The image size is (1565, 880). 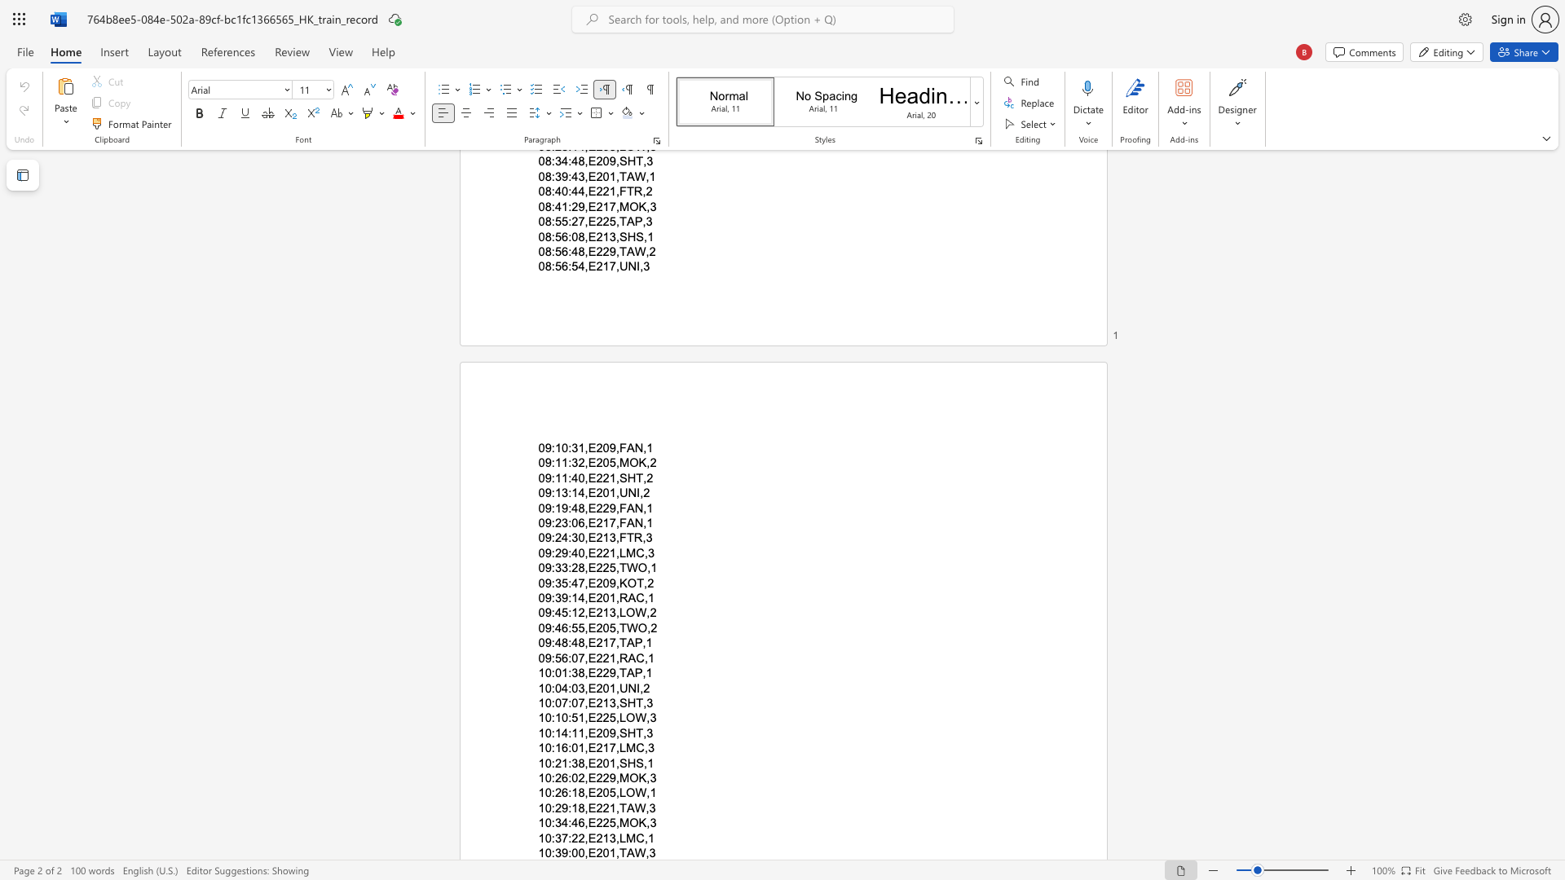 What do you see at coordinates (550, 851) in the screenshot?
I see `the space between the continuous character "0" and ":" in the text` at bounding box center [550, 851].